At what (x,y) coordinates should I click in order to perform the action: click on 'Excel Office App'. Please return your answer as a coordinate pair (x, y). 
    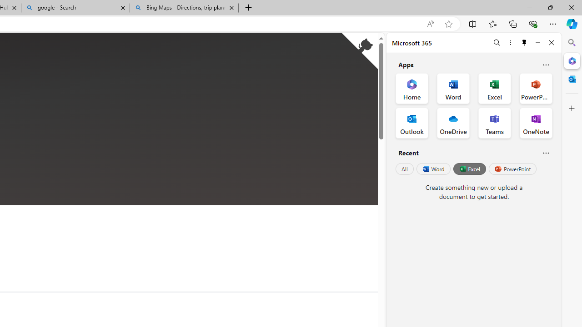
    Looking at the image, I should click on (494, 89).